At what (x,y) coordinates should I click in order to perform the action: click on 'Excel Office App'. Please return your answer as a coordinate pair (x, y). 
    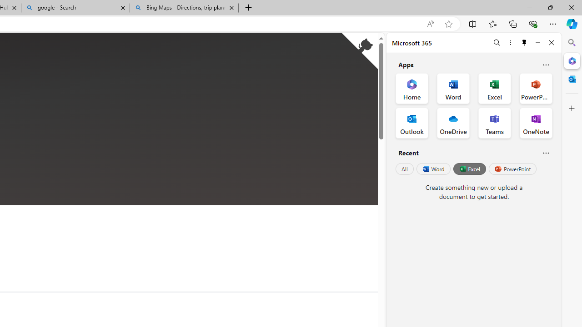
    Looking at the image, I should click on (494, 89).